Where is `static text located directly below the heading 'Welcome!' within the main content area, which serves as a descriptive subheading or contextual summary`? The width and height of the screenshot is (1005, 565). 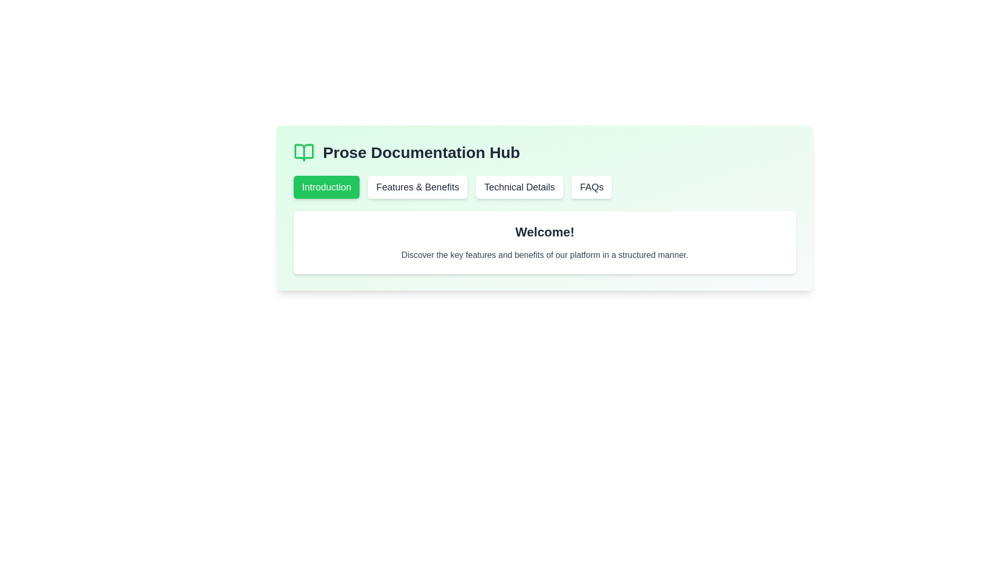 static text located directly below the heading 'Welcome!' within the main content area, which serves as a descriptive subheading or contextual summary is located at coordinates (544, 255).